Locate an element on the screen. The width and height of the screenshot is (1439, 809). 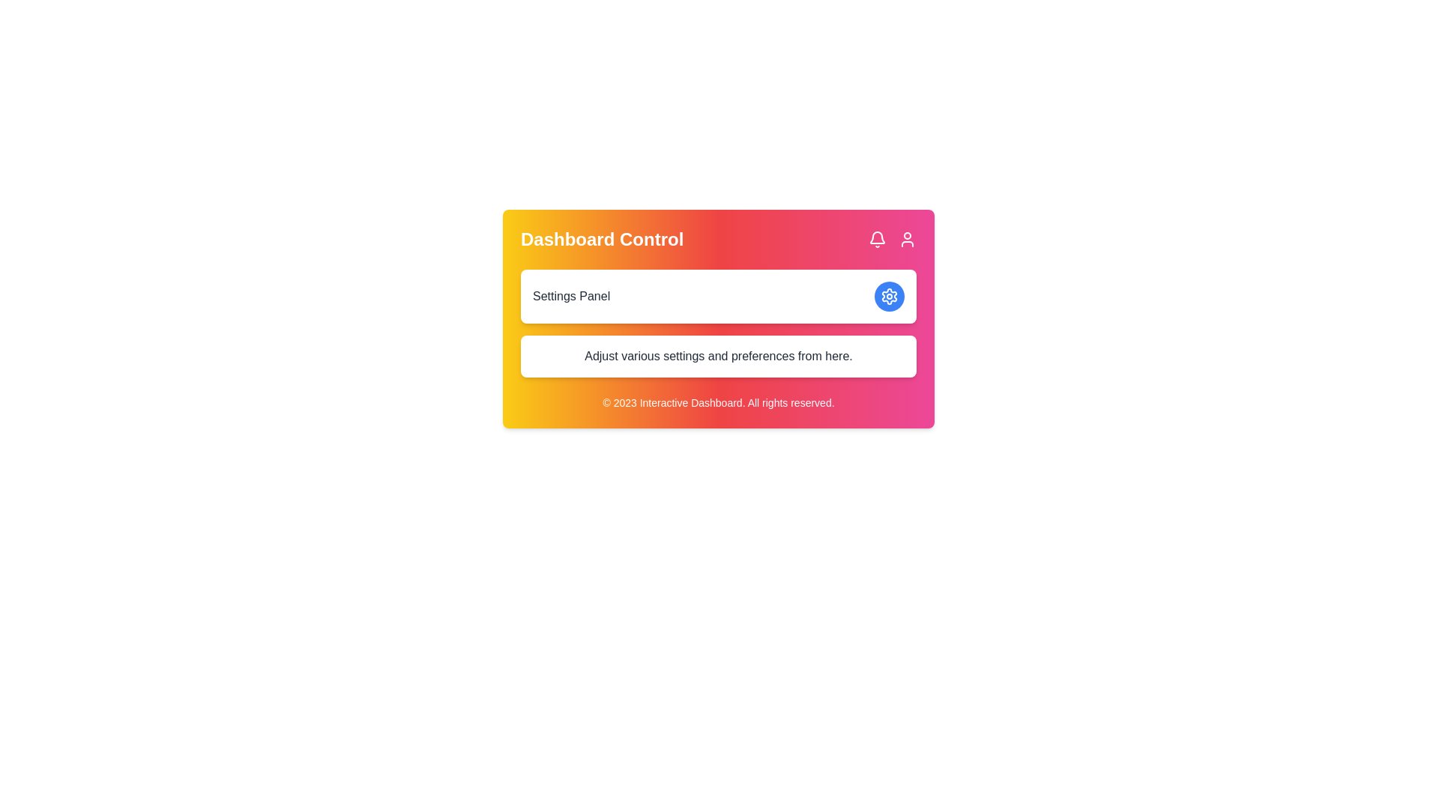
text in the 'Settings Panel' interface element located within the 'Dashboard Control' card, which consists of a title, interactive gear icon, and descriptive text is located at coordinates (718, 323).